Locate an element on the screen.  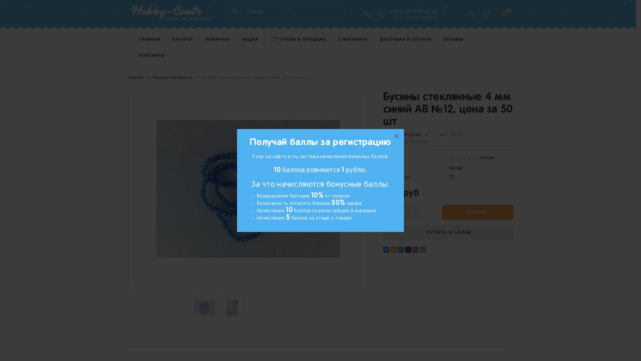
'WhatsApp' is located at coordinates (423, 250).